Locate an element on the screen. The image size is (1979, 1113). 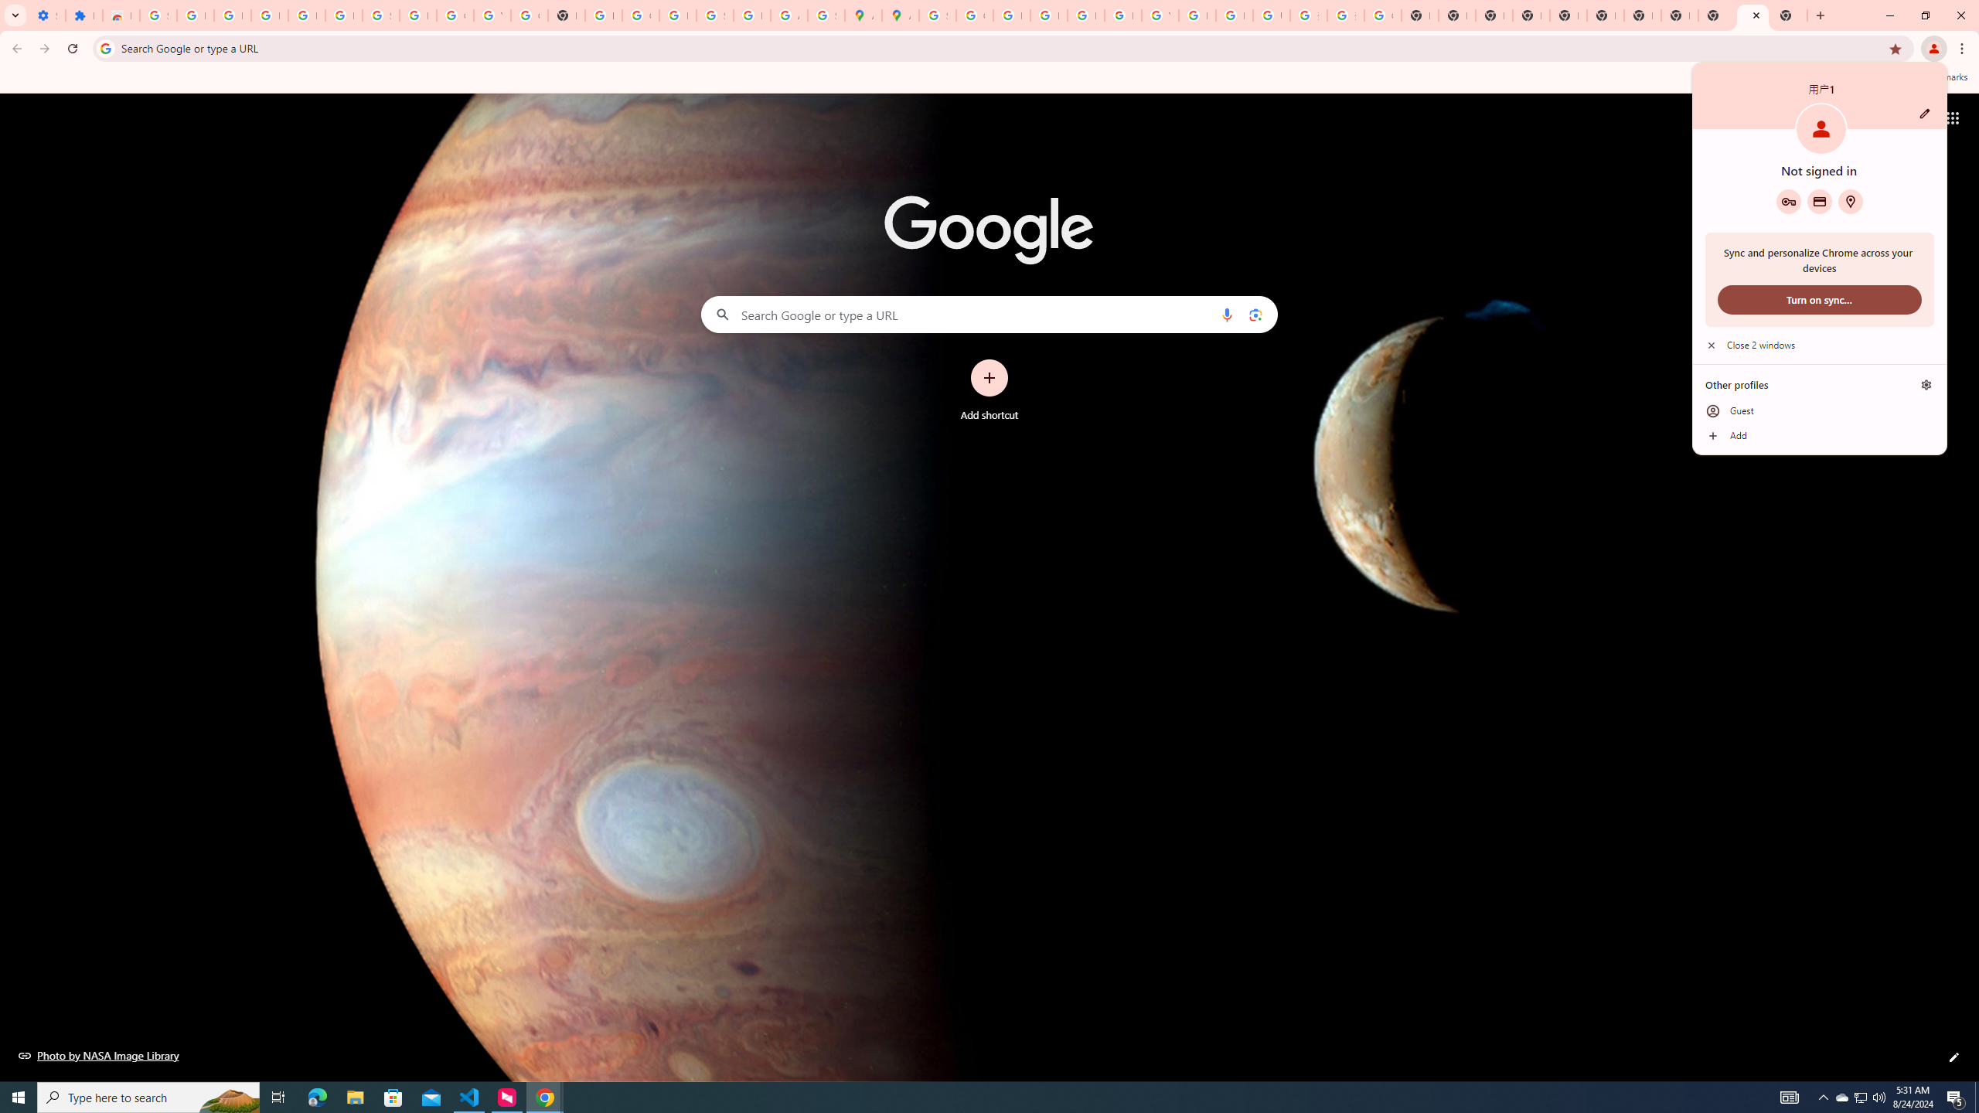
'User Promoted Notification Area' is located at coordinates (1859, 1096).